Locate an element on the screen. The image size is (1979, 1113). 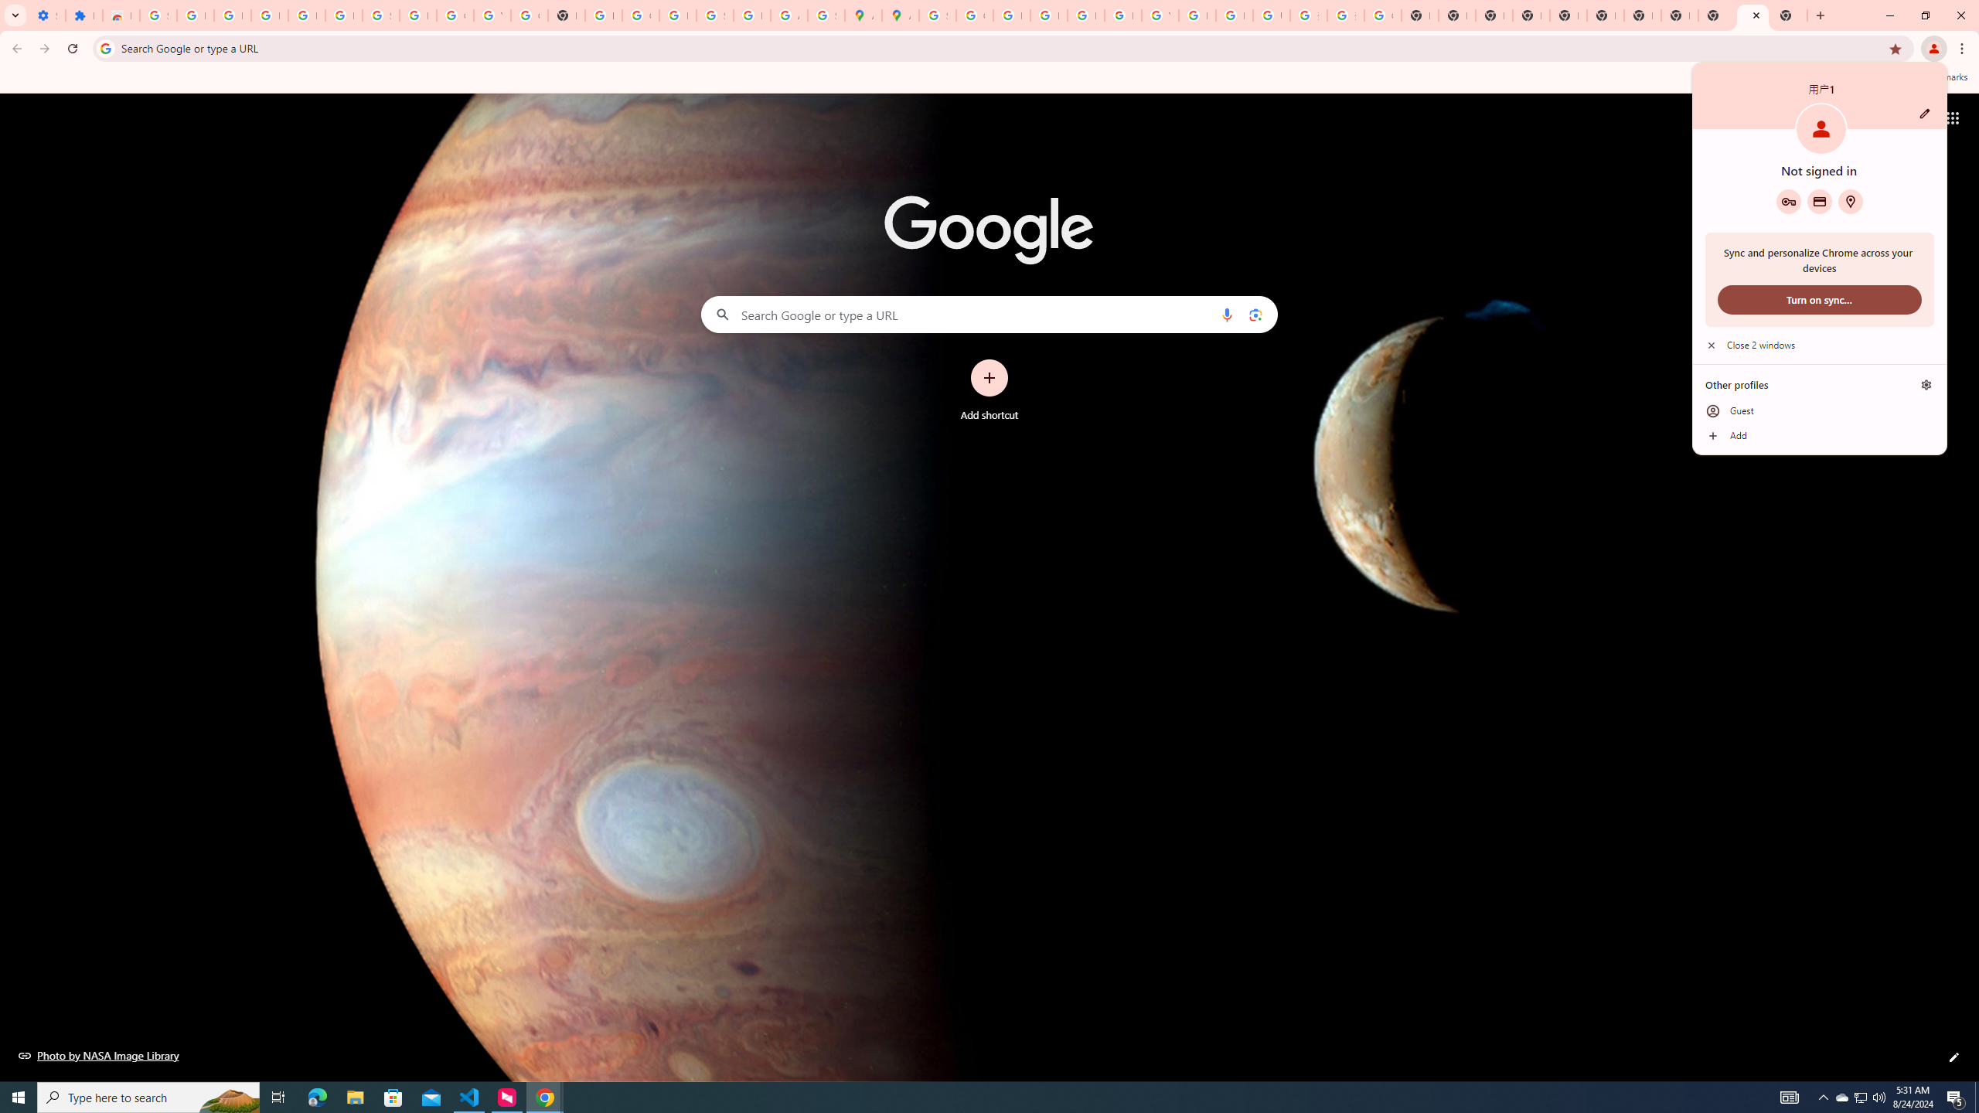
'User Promoted Notification Area' is located at coordinates (1859, 1096).